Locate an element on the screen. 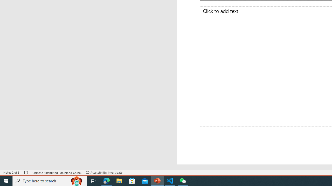  'PowerPoint - 1 running window' is located at coordinates (157, 180).